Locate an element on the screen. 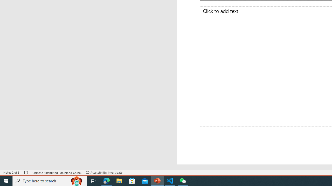  'PowerPoint - 1 running window' is located at coordinates (157, 180).